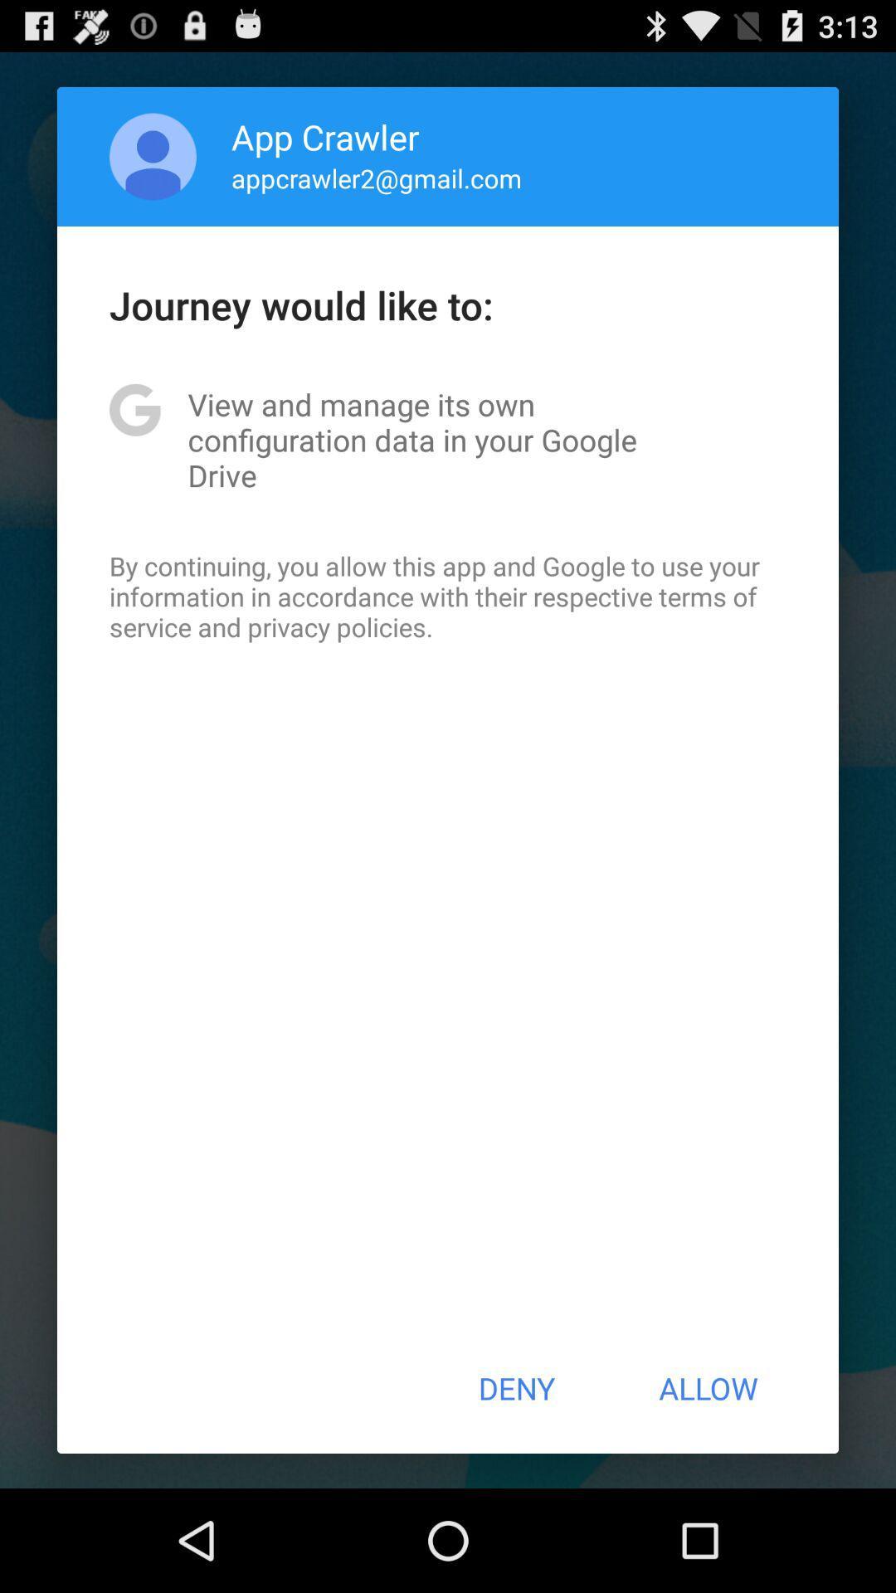  I want to click on app crawler icon, so click(325, 136).